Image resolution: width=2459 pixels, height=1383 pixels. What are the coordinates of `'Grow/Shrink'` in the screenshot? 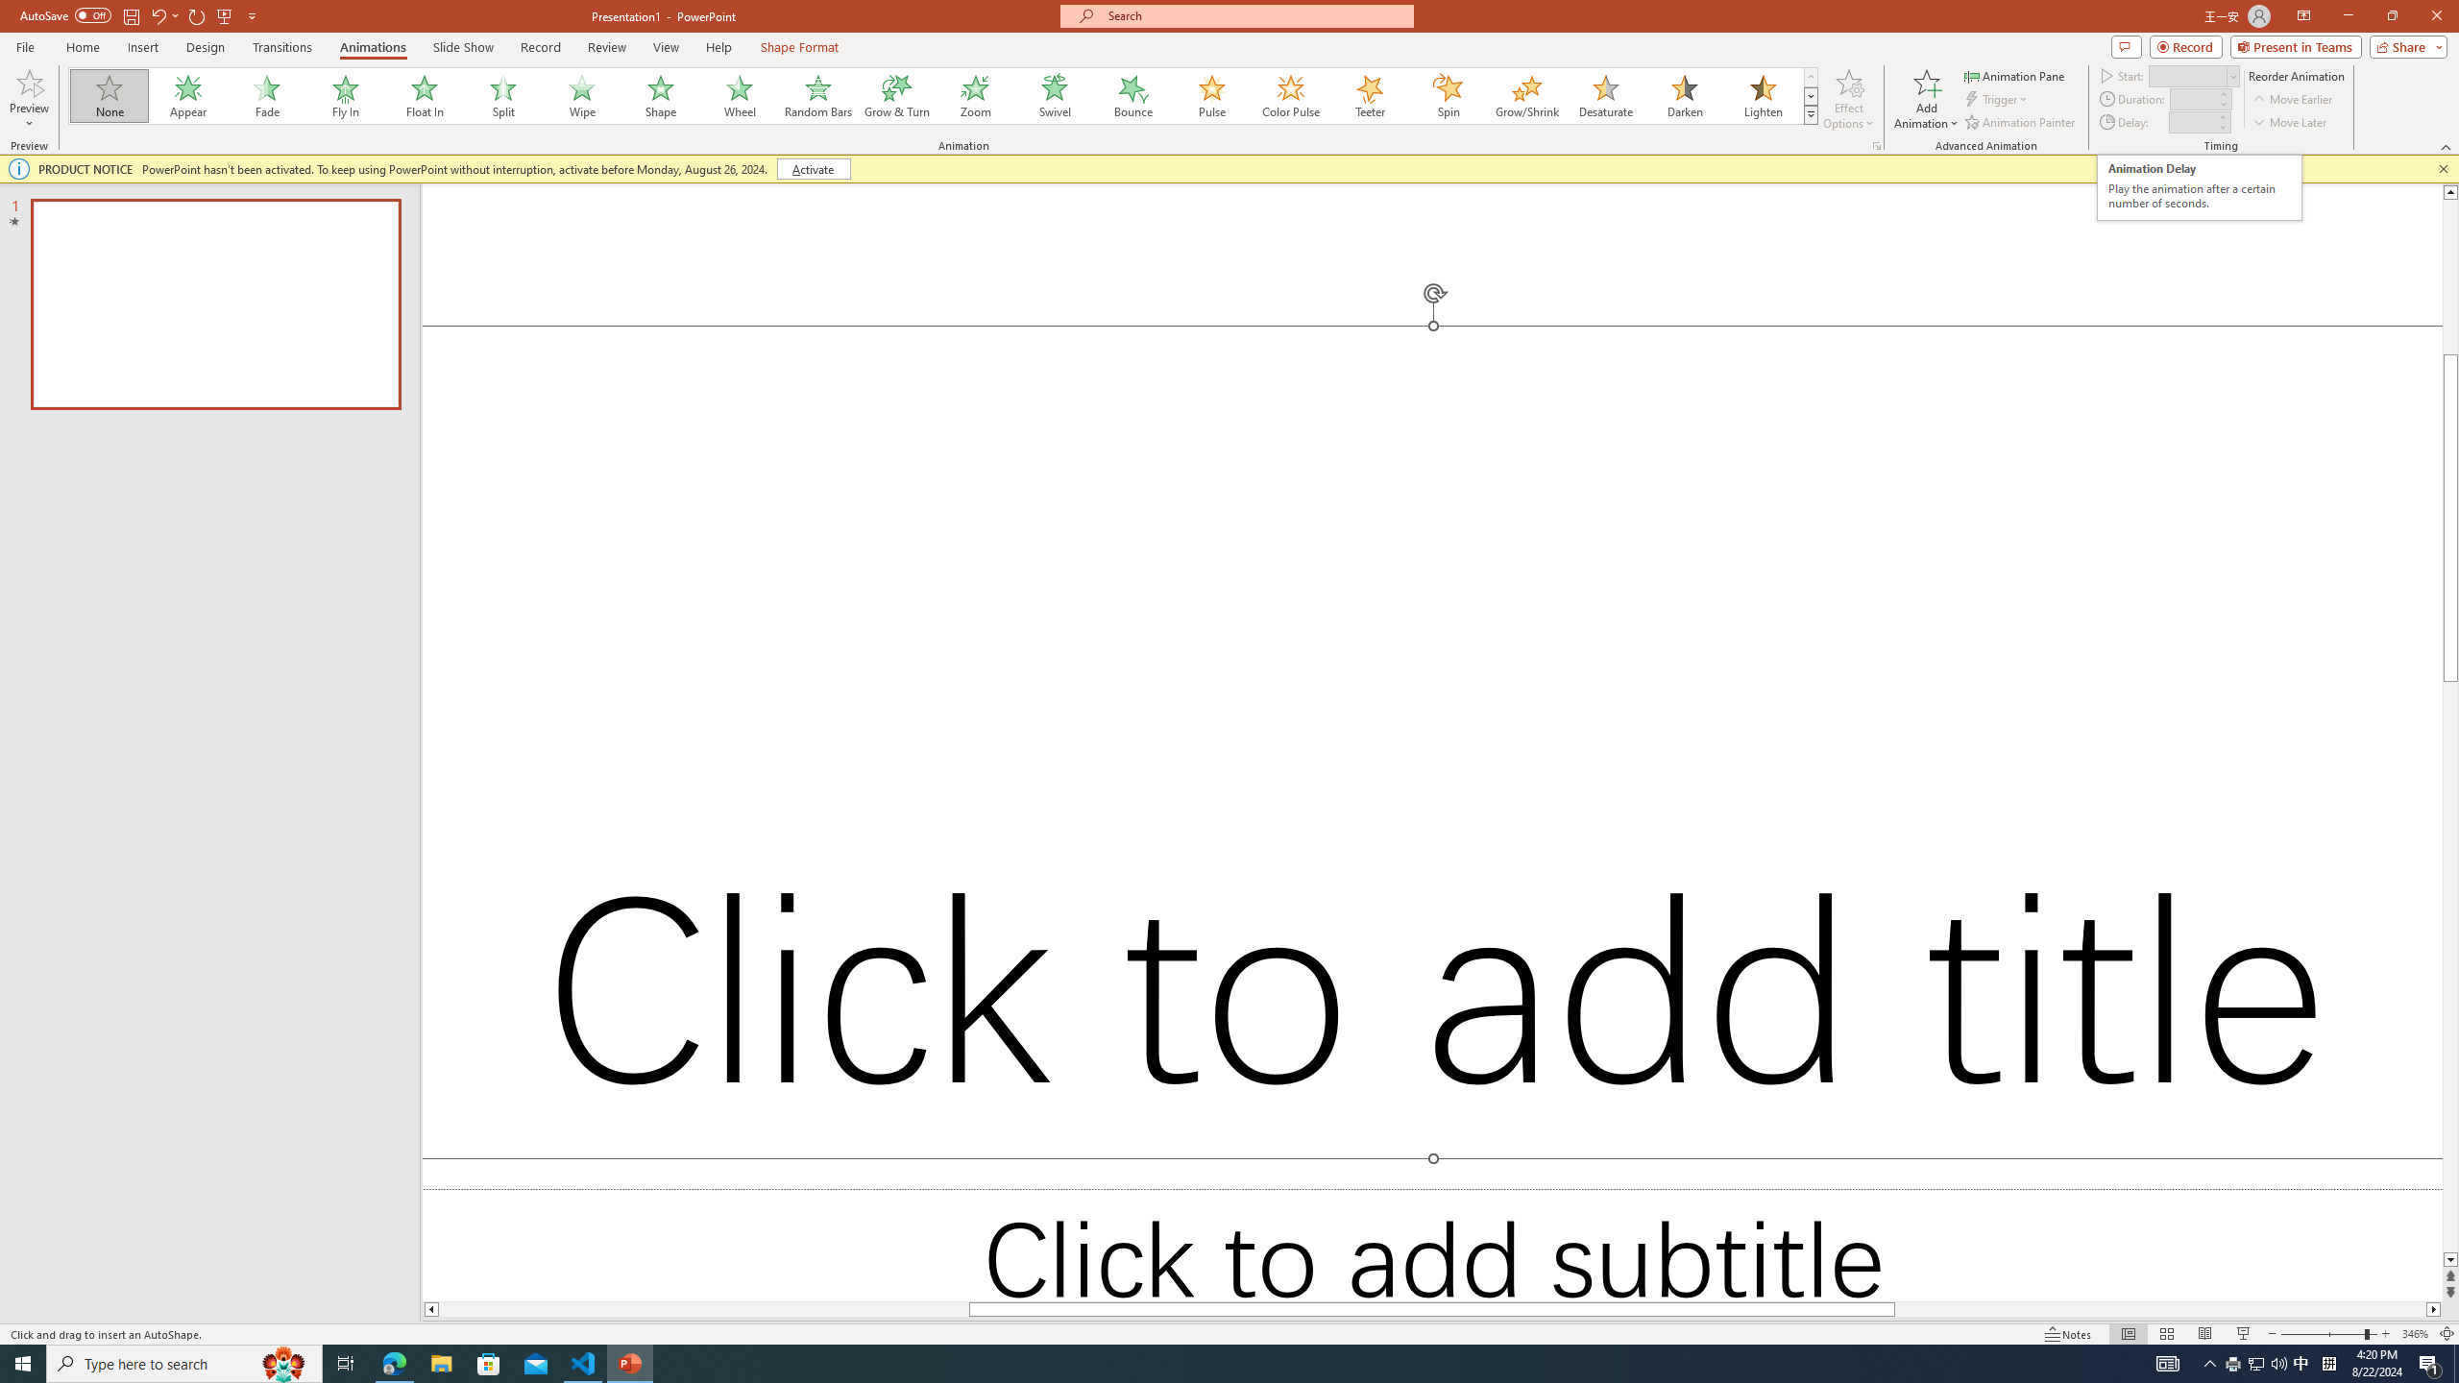 It's located at (1526, 95).